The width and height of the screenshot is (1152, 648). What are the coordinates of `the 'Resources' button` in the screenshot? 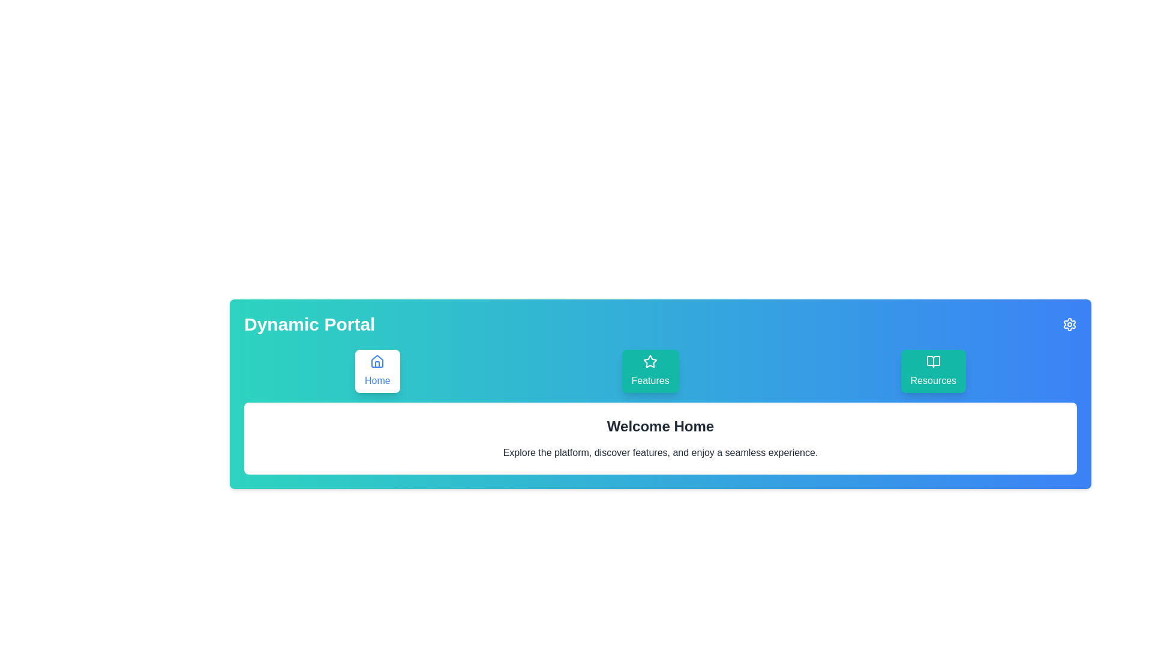 It's located at (932, 370).